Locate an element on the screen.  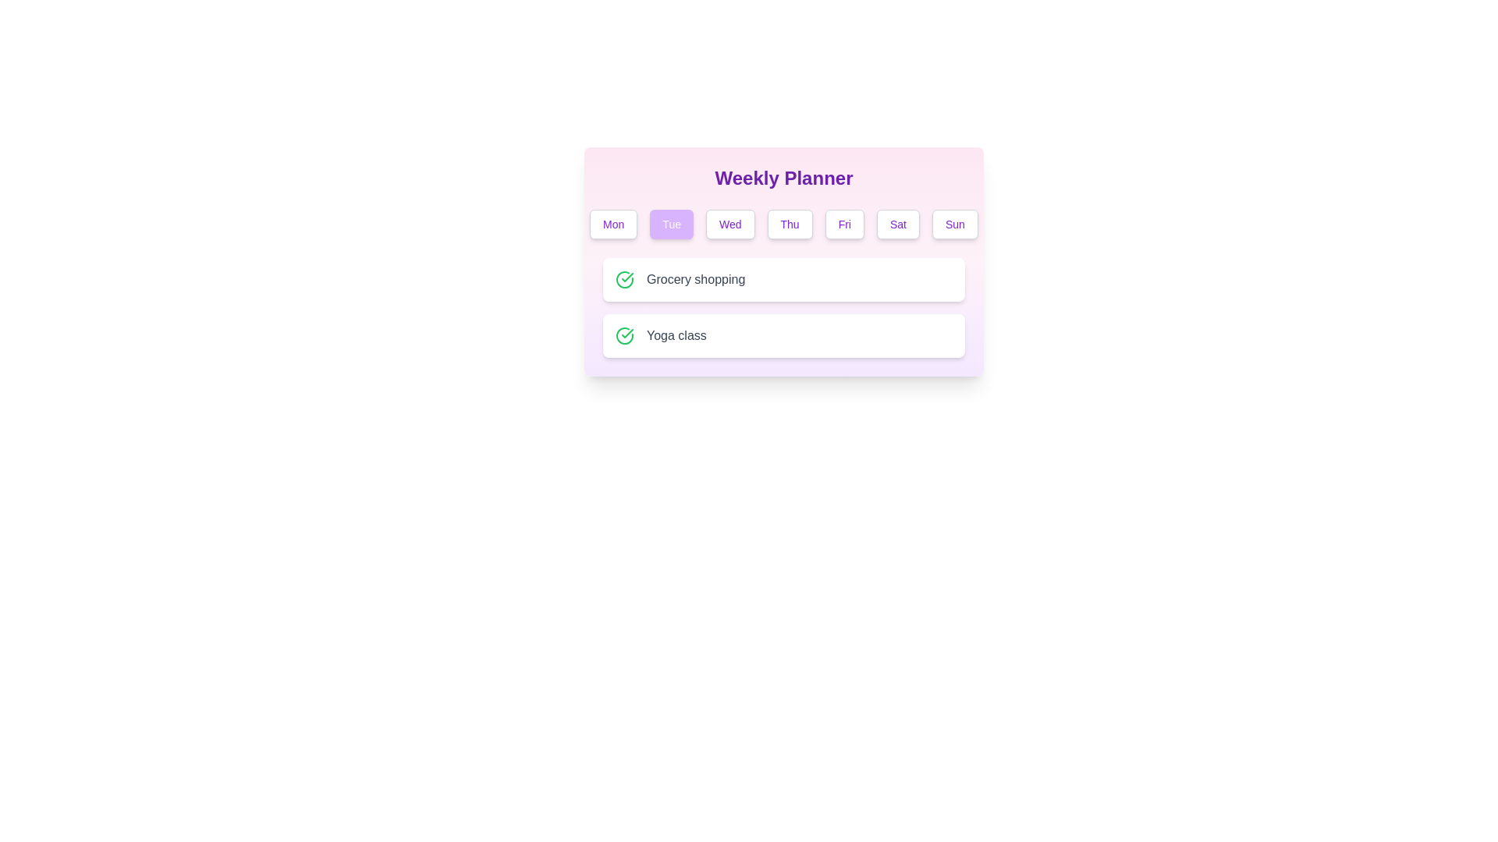
the element Mon to observe visual feedback is located at coordinates (612, 225).